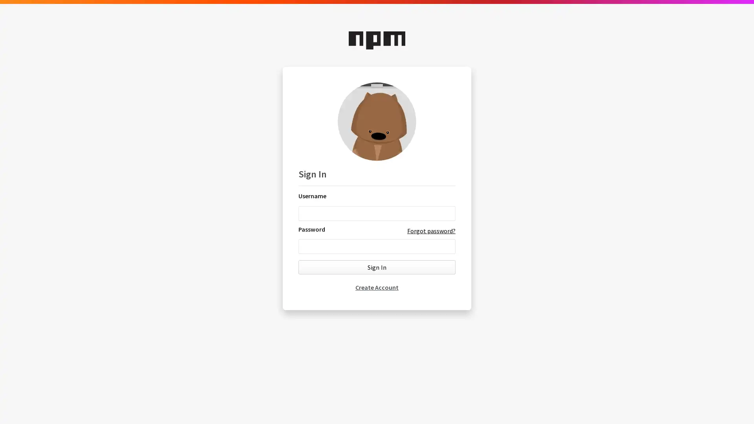 The height and width of the screenshot is (424, 754). I want to click on Sign In, so click(377, 267).